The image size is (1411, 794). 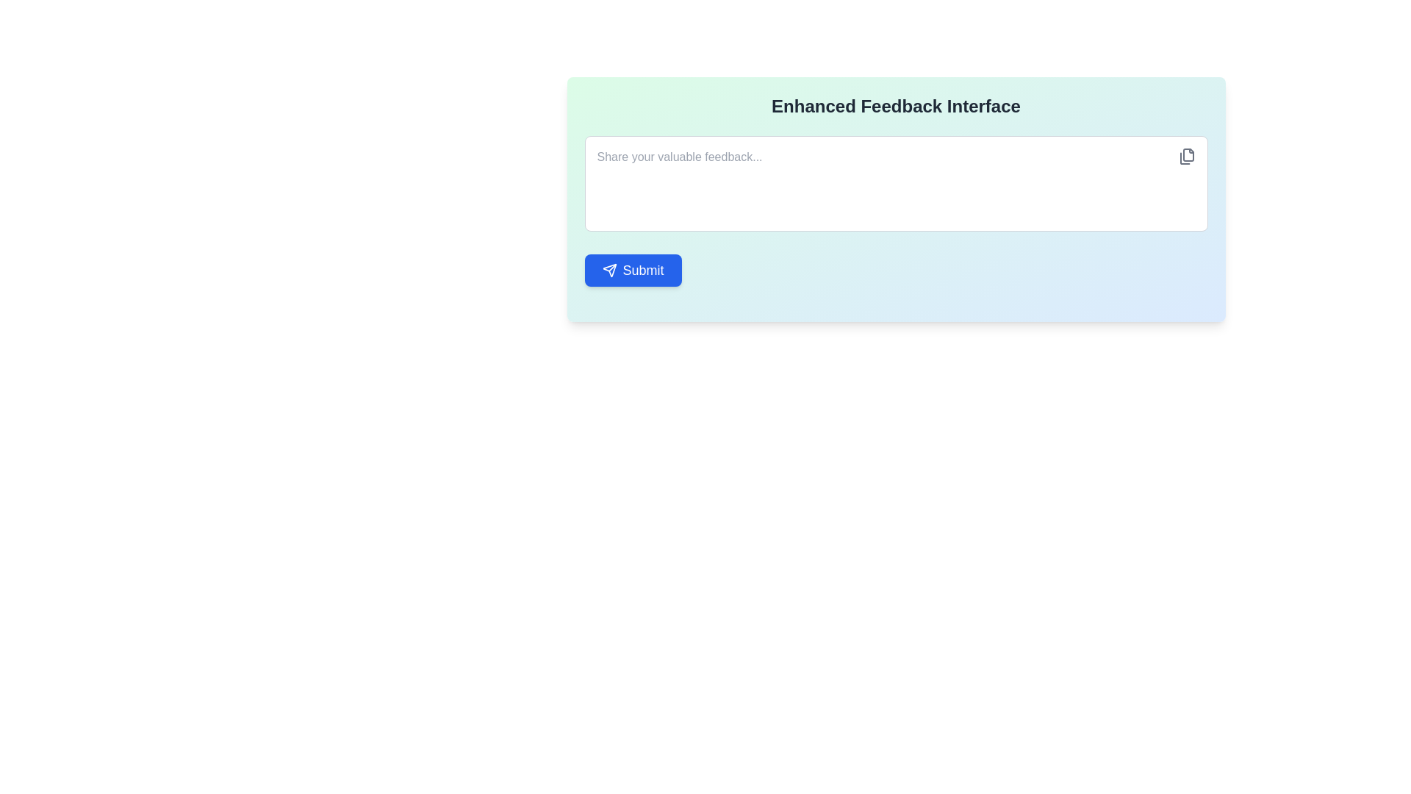 What do you see at coordinates (633, 270) in the screenshot?
I see `the 'Submit' button, which is a rectangular button with a blue background and white text, located at the bottom left of the feedback form interface` at bounding box center [633, 270].